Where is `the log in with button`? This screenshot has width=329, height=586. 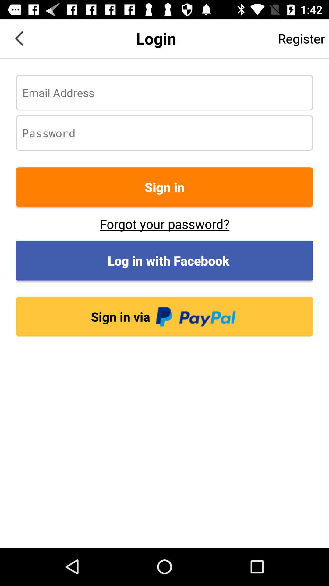
the log in with button is located at coordinates (164, 260).